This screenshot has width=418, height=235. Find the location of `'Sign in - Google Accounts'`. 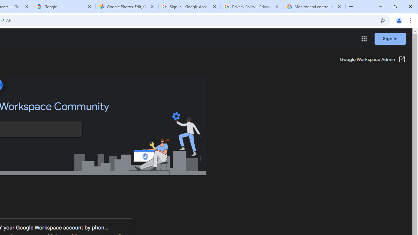

'Sign in - Google Accounts' is located at coordinates (189, 7).